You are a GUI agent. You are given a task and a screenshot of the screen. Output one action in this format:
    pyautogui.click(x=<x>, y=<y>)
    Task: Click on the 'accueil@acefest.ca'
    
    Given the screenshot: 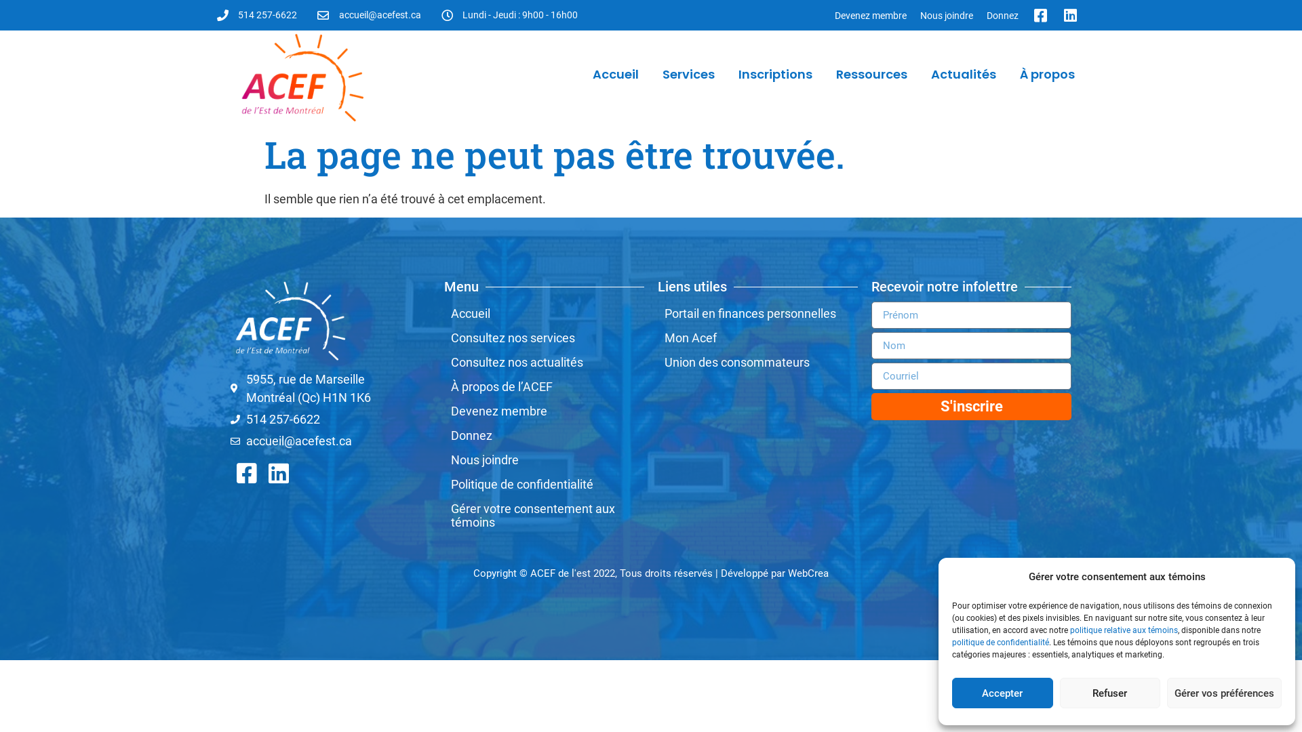 What is the action you would take?
    pyautogui.click(x=330, y=441)
    